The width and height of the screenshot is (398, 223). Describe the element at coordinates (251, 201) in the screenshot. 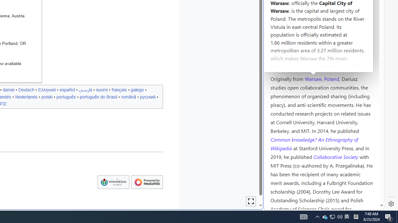

I see `'Toggle limited content width'` at that location.